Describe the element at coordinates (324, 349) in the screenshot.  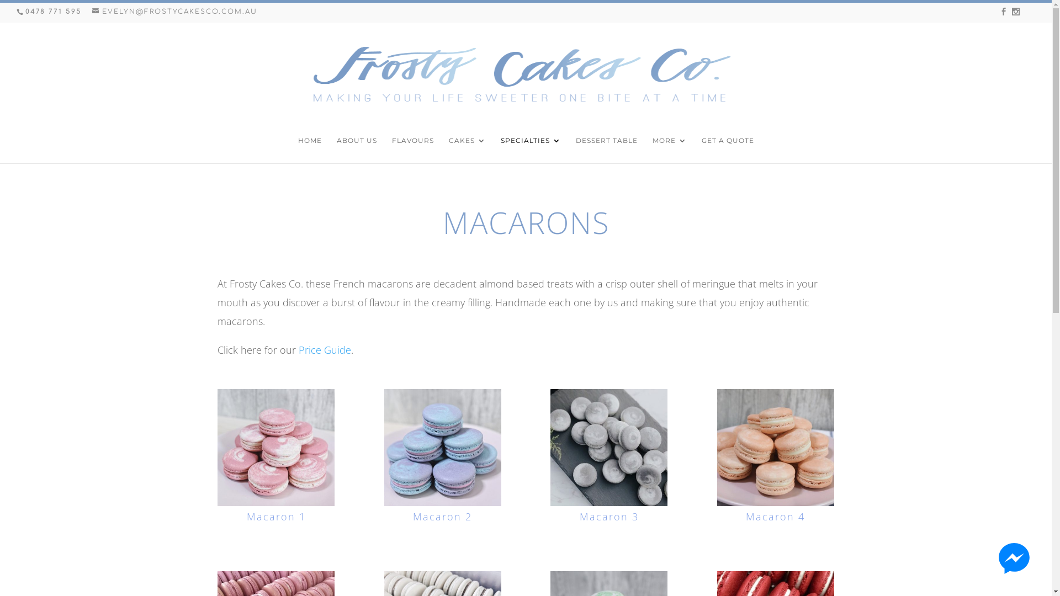
I see `'Price Guide'` at that location.